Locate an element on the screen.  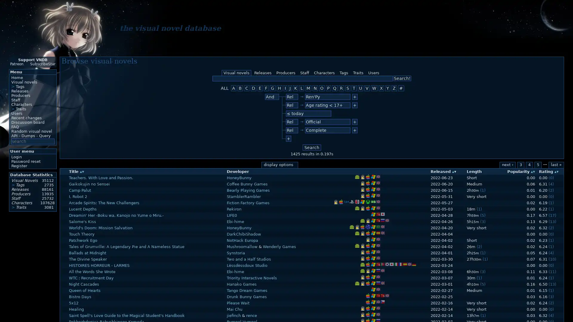
ALL is located at coordinates (224, 88).